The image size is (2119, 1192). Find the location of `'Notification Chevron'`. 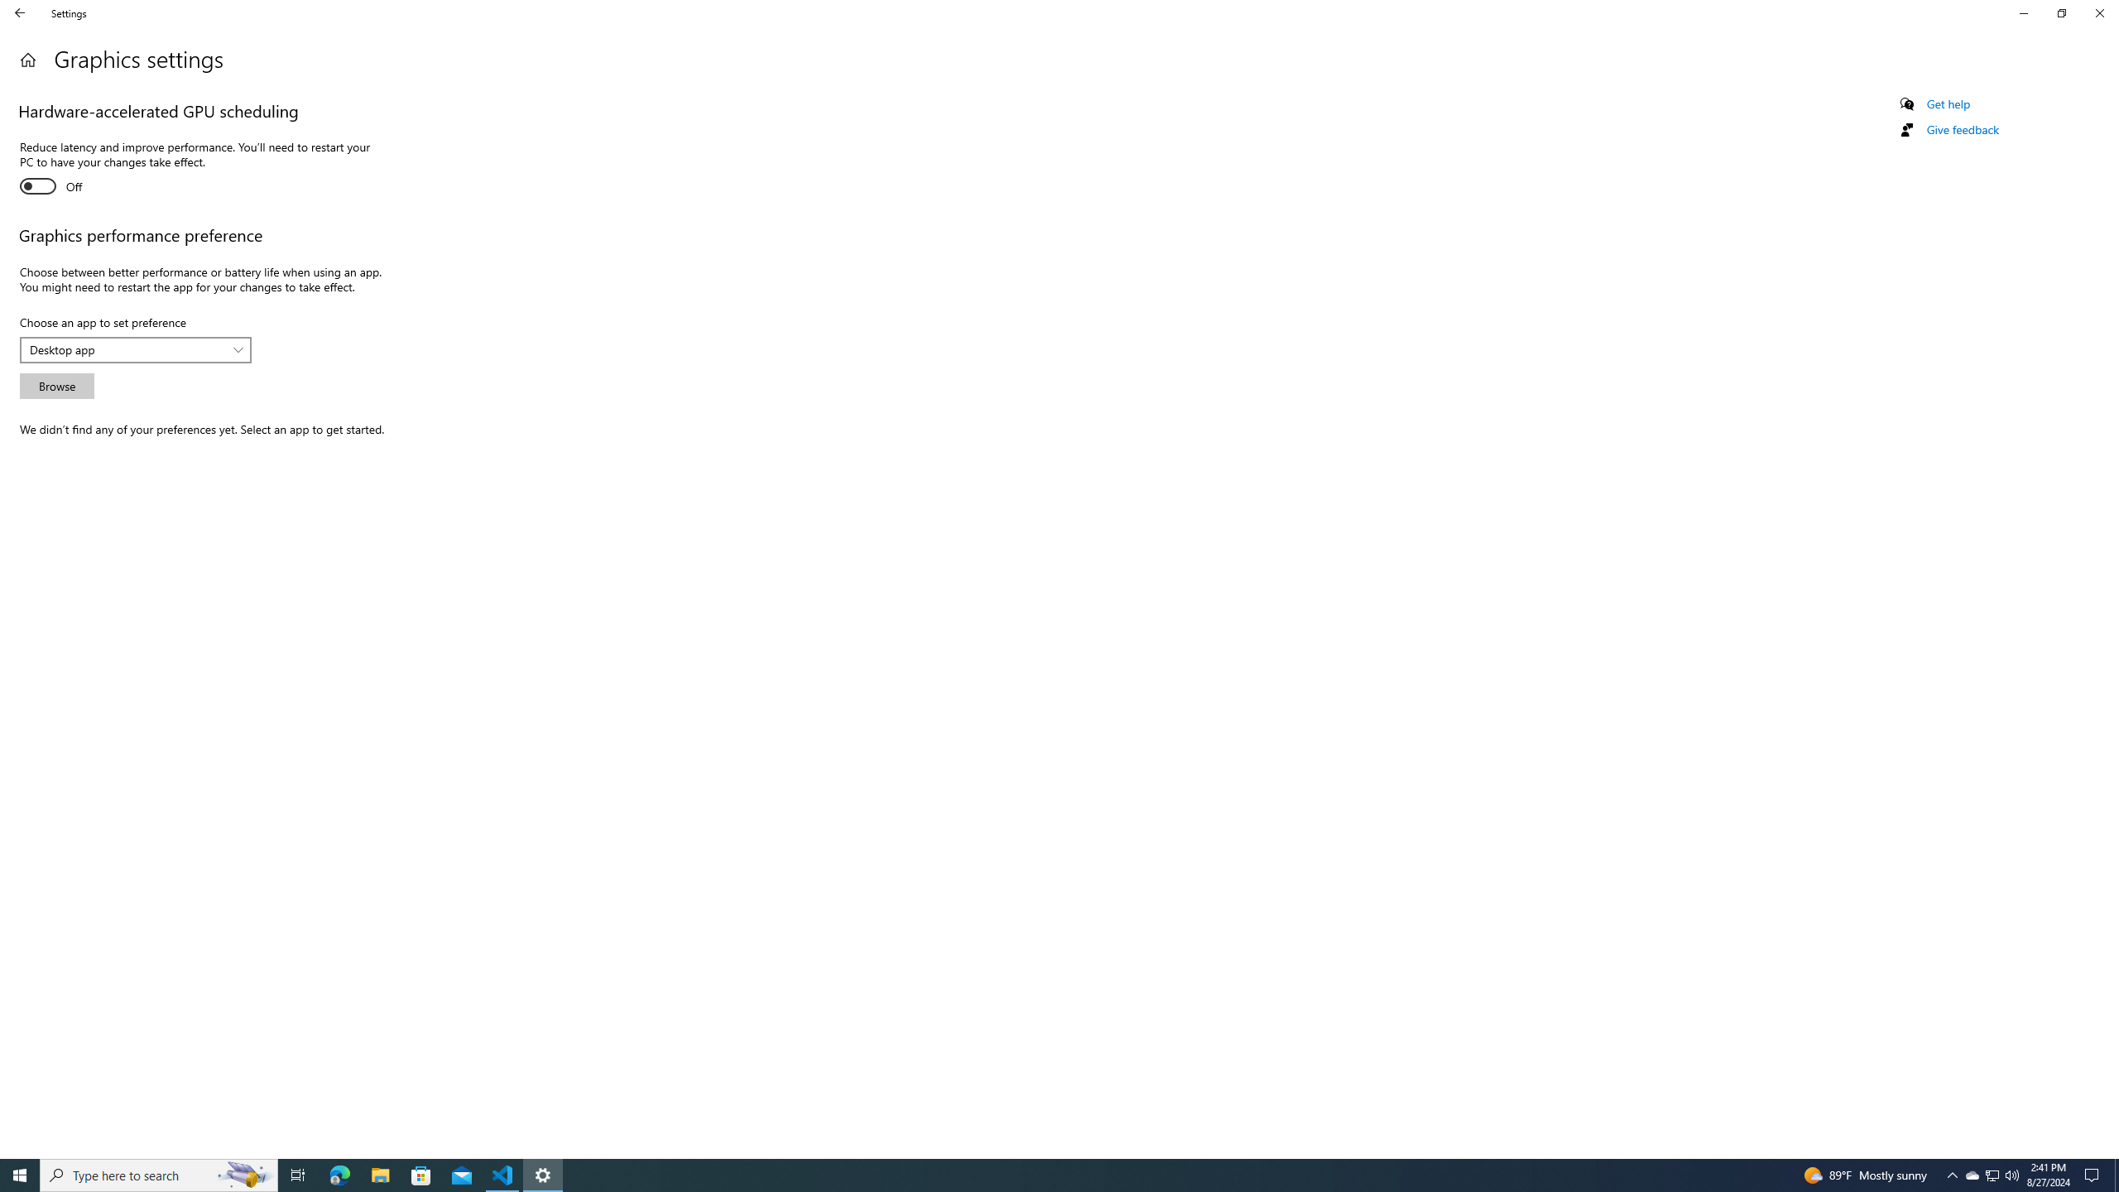

'Notification Chevron' is located at coordinates (1953, 1174).